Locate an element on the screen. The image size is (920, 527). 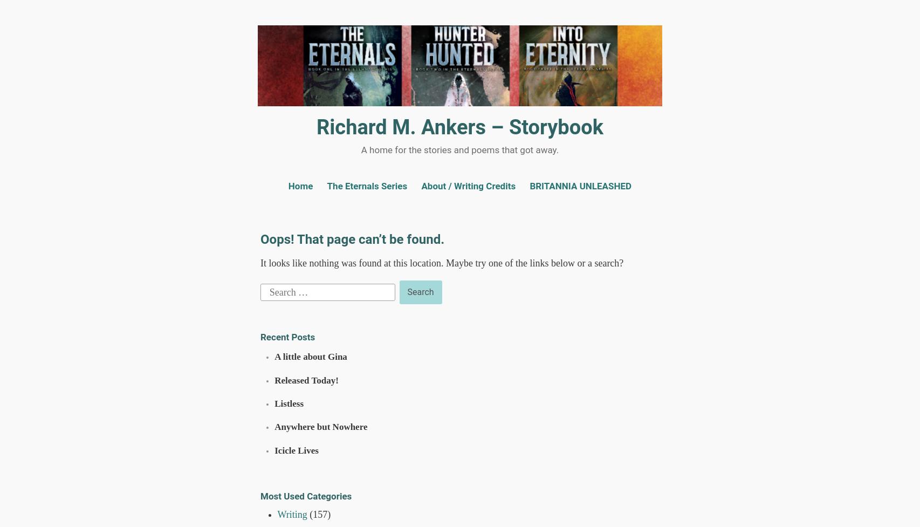
'BRITANNIA UNLEASHED' is located at coordinates (580, 186).